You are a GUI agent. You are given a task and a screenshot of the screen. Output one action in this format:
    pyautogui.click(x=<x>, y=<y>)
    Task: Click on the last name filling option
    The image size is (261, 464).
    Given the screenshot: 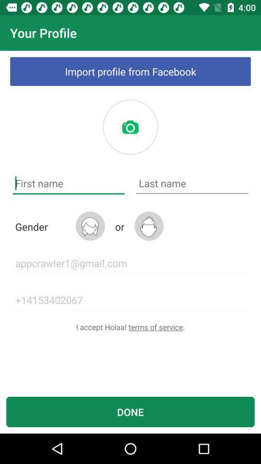 What is the action you would take?
    pyautogui.click(x=192, y=183)
    